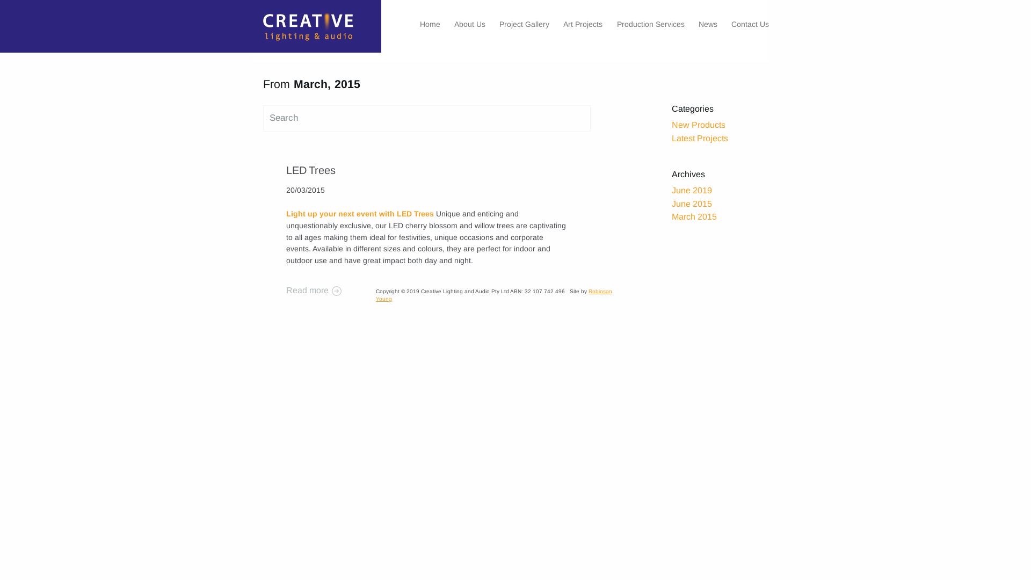 The image size is (1031, 580). Describe the element at coordinates (692, 204) in the screenshot. I see `'June 2015'` at that location.